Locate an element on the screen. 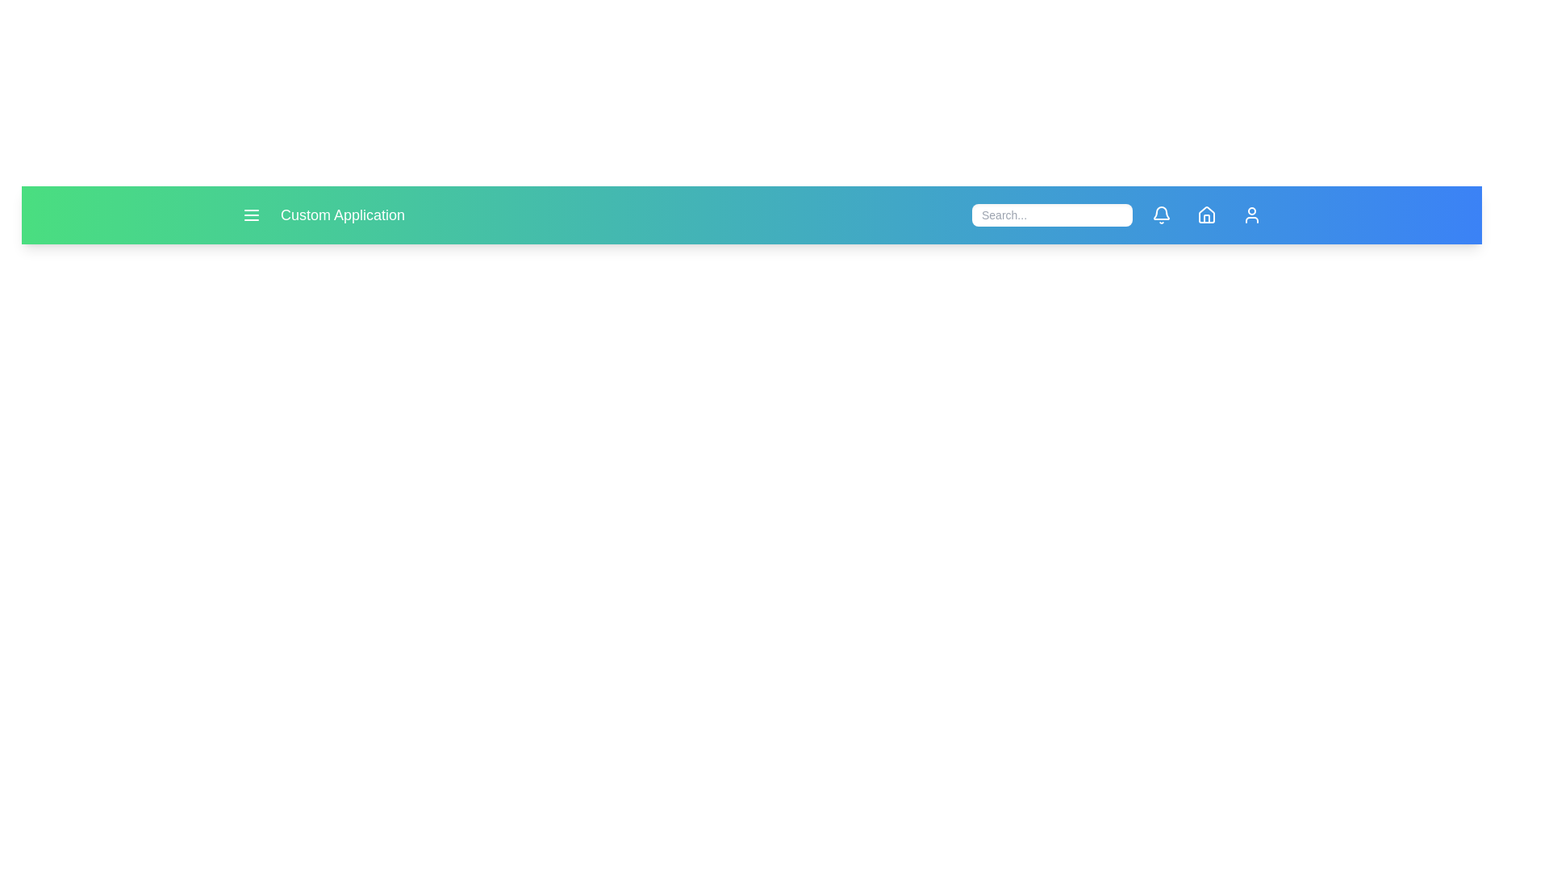 The image size is (1549, 871). the button labeled Home is located at coordinates (1207, 214).